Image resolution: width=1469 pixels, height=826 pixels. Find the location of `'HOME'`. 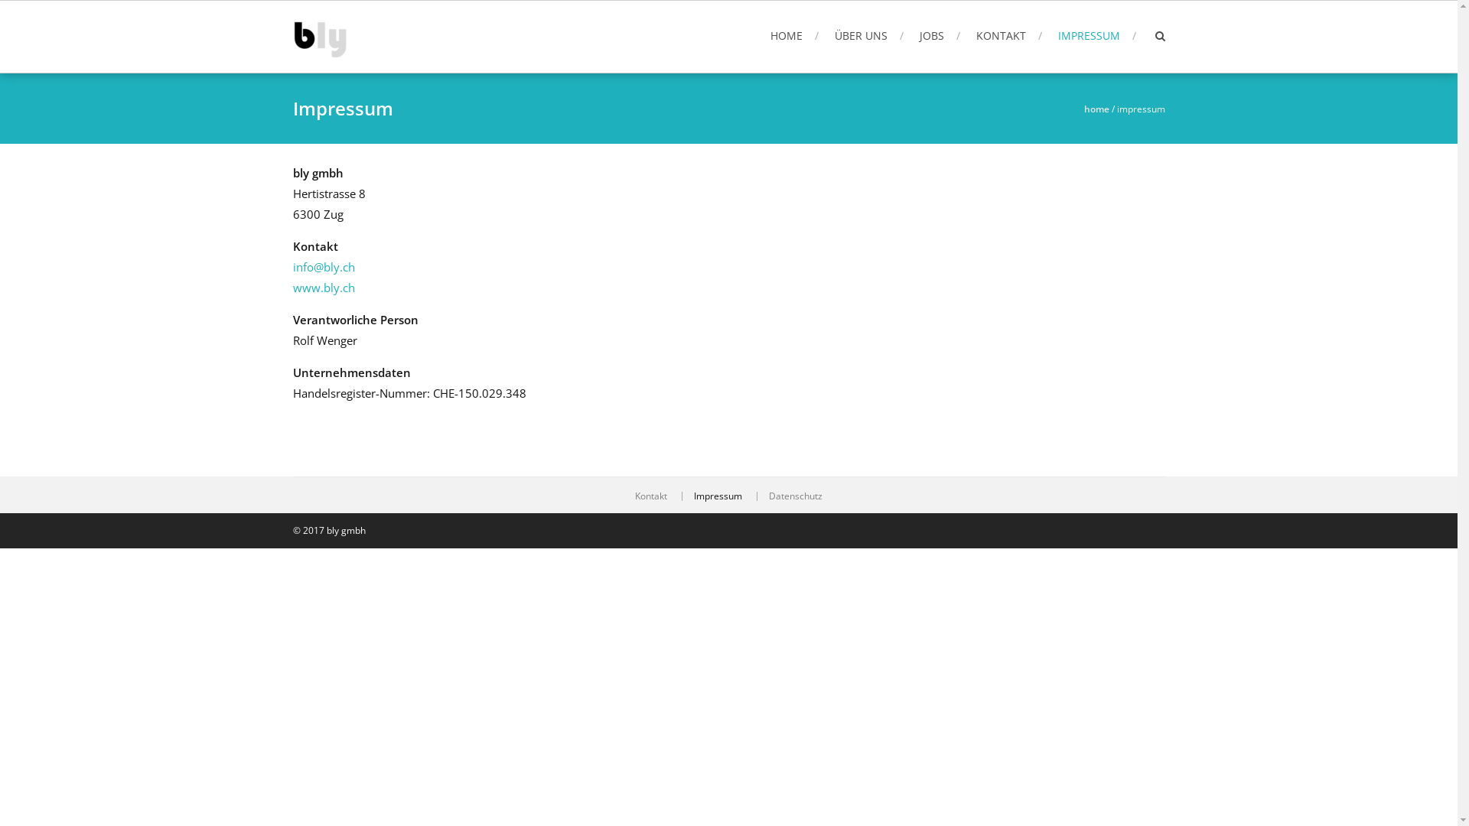

'HOME' is located at coordinates (793, 34).